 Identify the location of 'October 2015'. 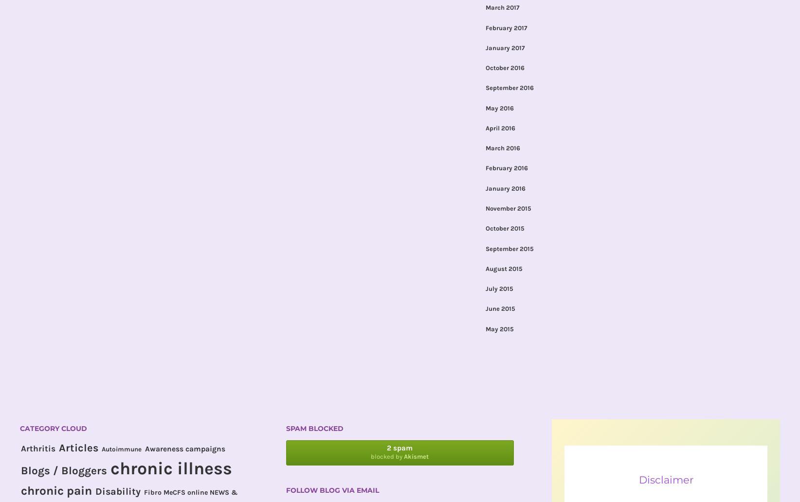
(505, 228).